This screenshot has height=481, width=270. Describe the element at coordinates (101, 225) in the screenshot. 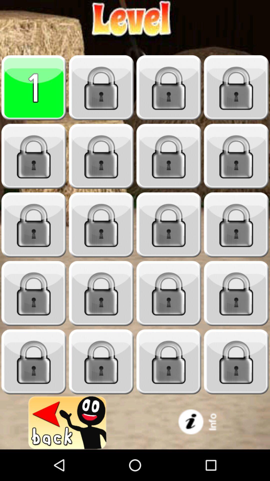

I see `level` at that location.